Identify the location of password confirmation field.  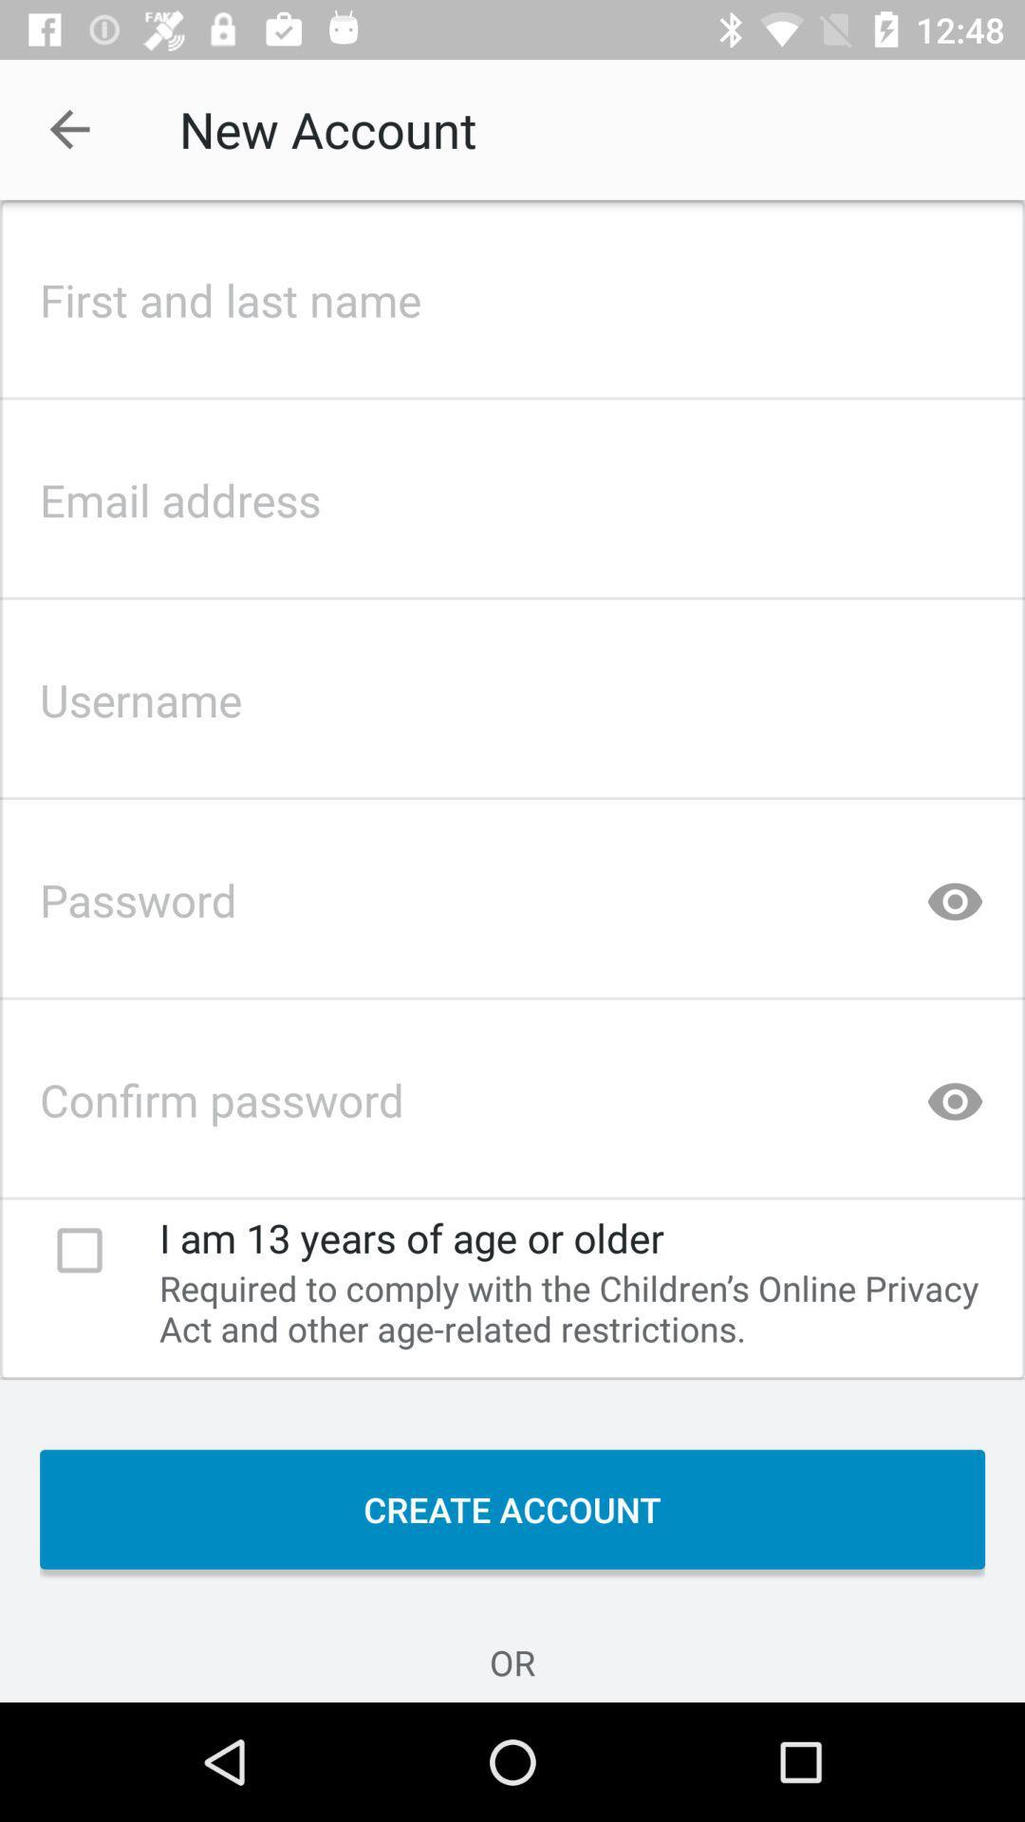
(512, 1094).